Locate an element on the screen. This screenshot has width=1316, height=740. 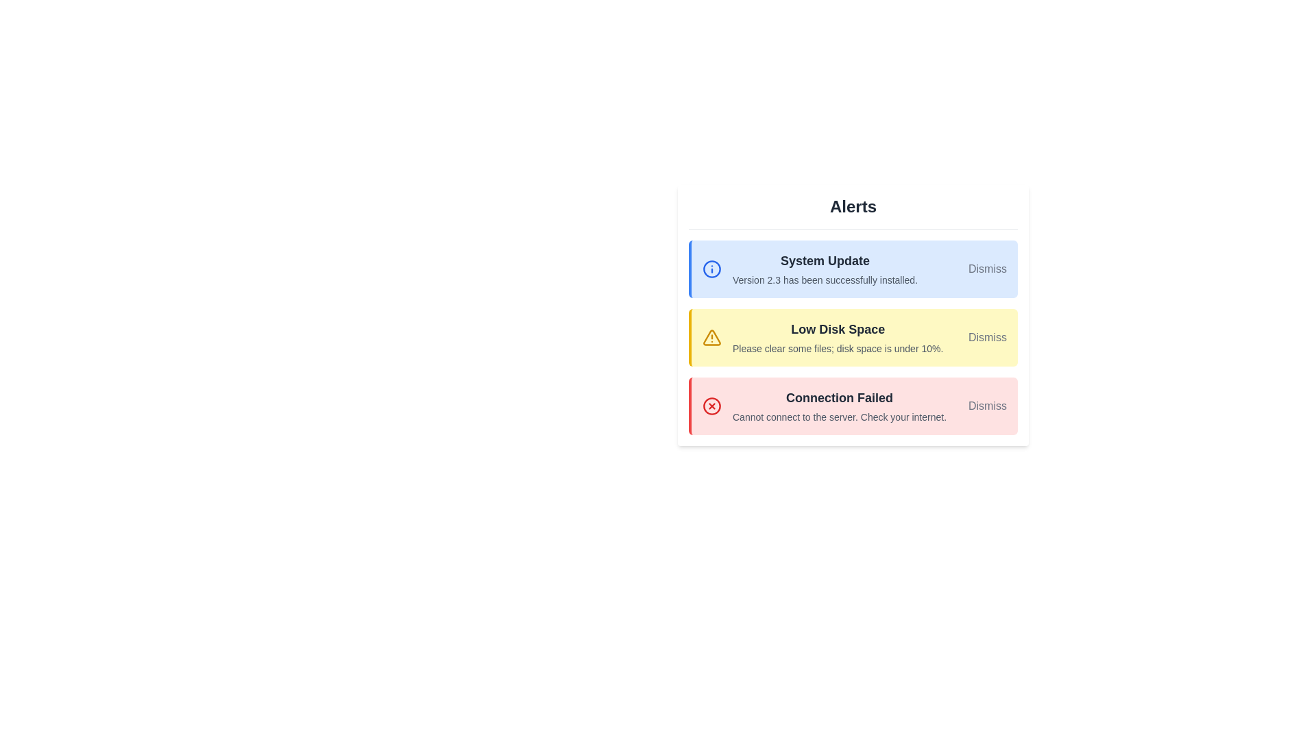
the warning icon associated with the 'Low Disk Space' notification, located near the left edge of the notification is located at coordinates (711, 338).